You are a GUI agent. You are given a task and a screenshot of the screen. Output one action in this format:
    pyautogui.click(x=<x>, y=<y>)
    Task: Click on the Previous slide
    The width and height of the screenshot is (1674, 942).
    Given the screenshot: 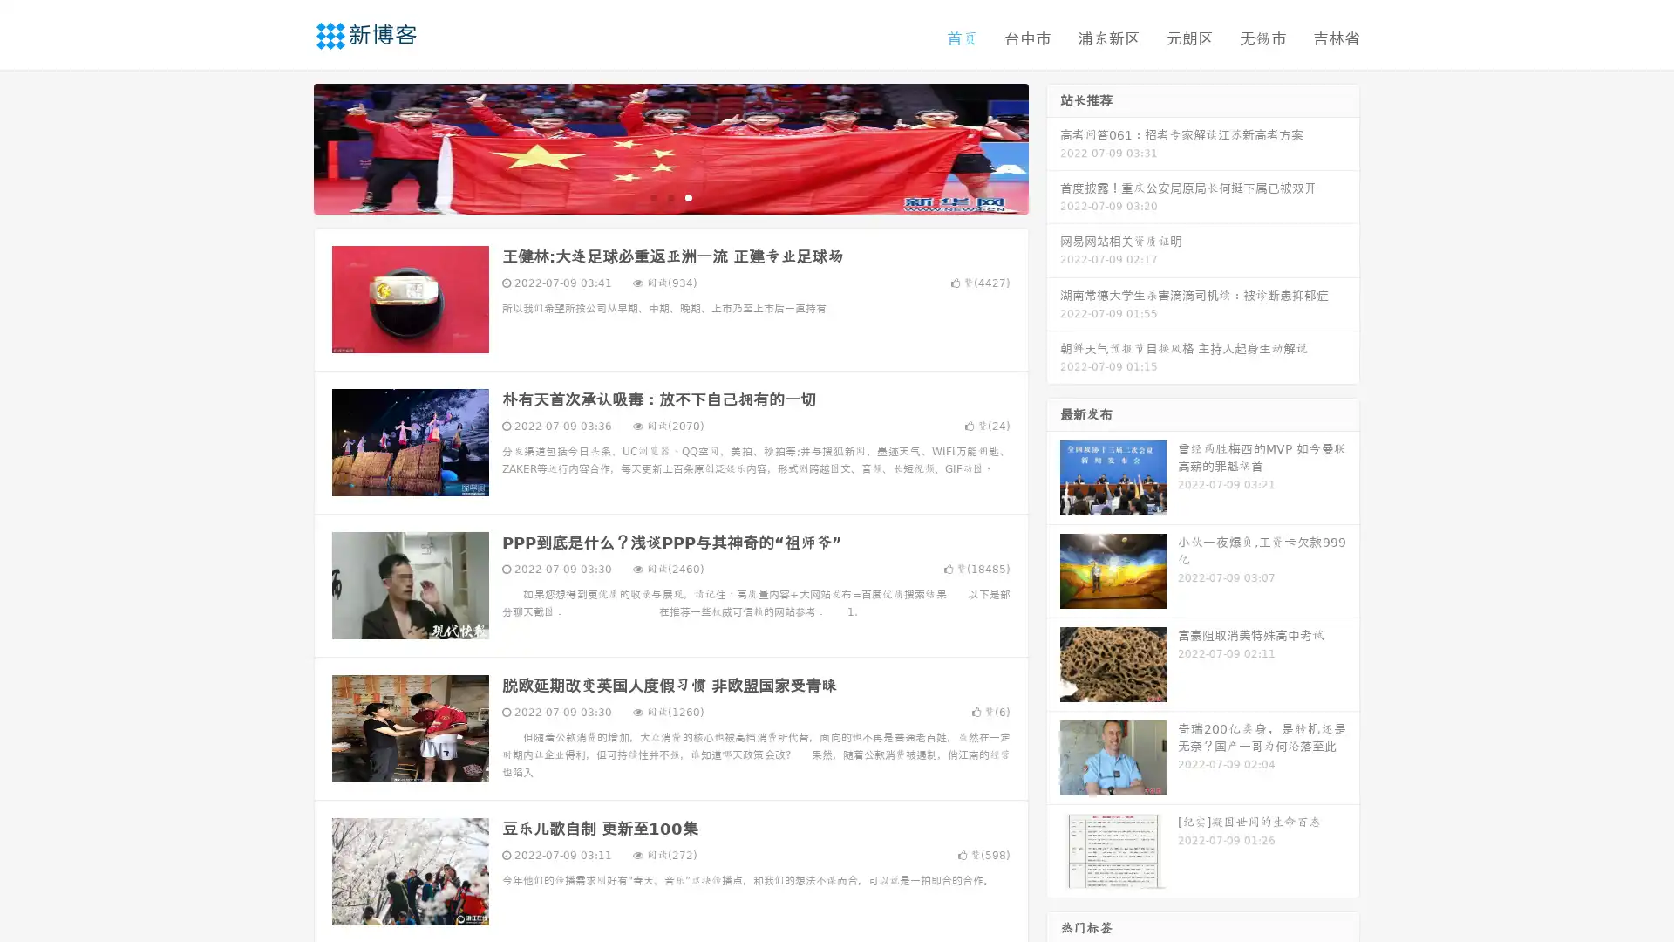 What is the action you would take?
    pyautogui.click(x=288, y=147)
    